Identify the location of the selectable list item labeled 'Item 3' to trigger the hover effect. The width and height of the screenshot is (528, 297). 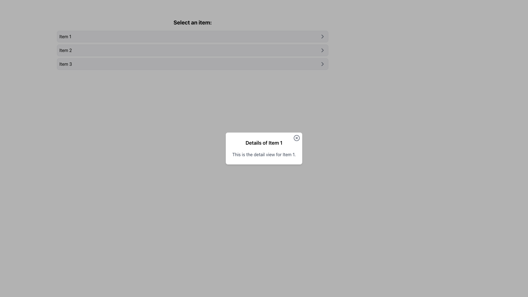
(193, 64).